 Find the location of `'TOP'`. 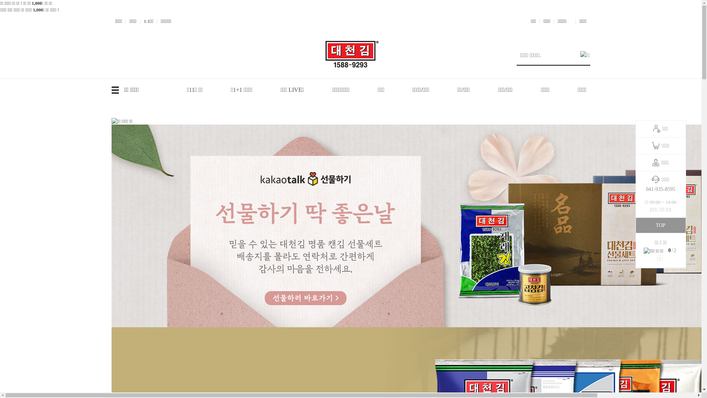

'TOP' is located at coordinates (660, 225).